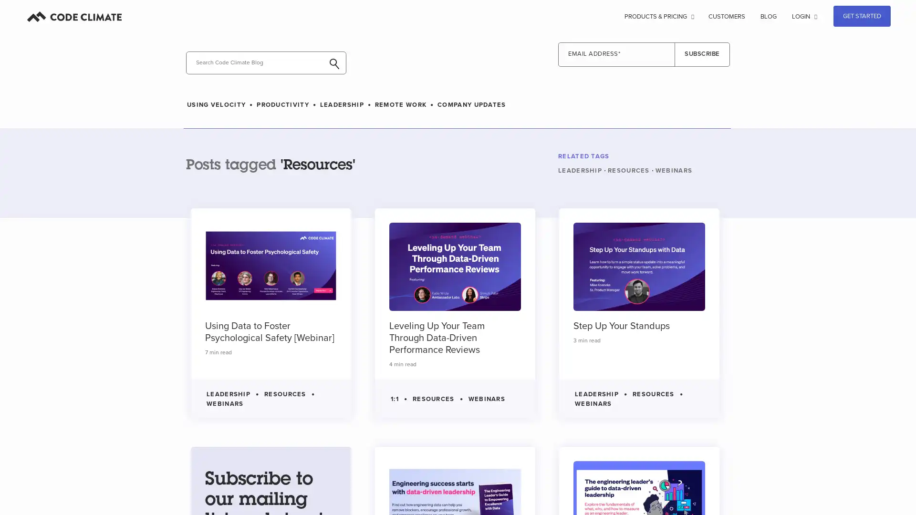 Image resolution: width=916 pixels, height=515 pixels. I want to click on search_icon, so click(187, 81).